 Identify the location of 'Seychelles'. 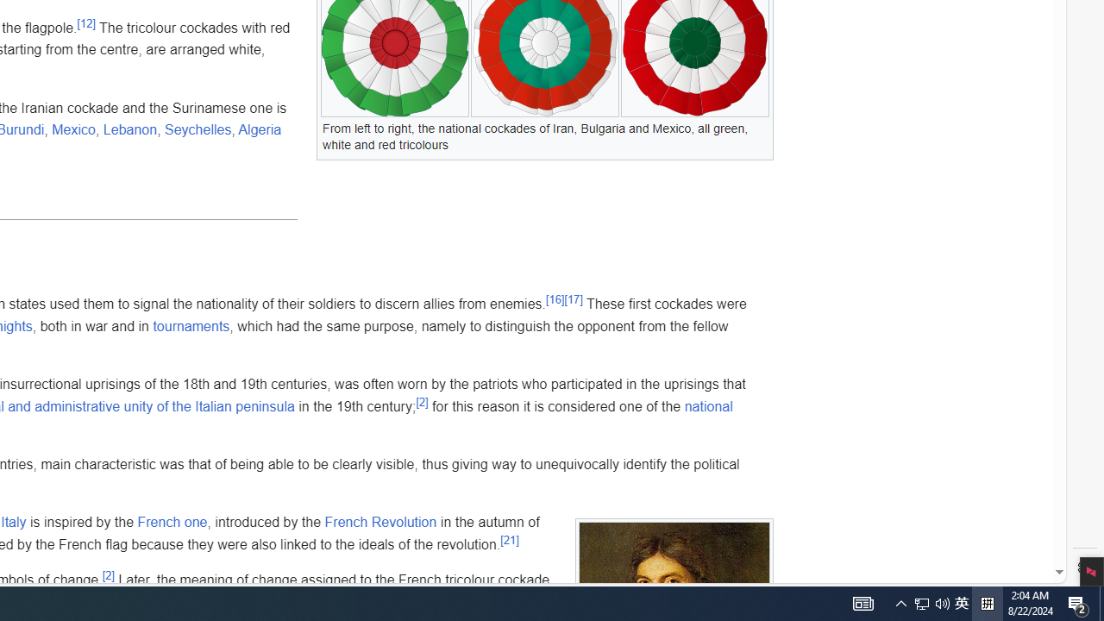
(198, 129).